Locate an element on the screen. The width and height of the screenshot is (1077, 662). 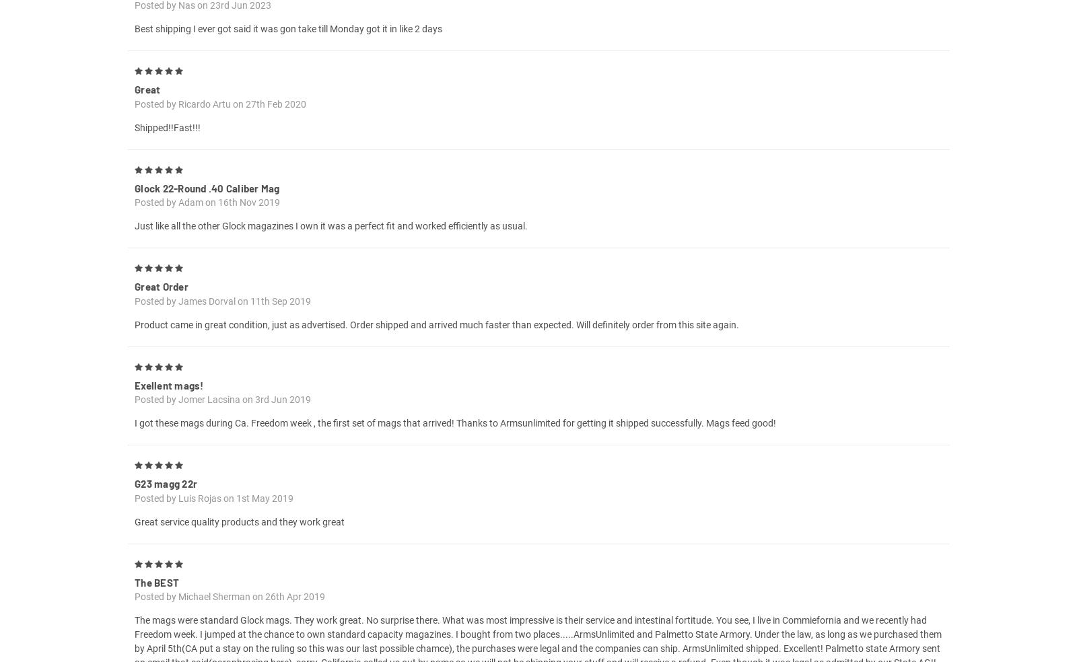
'Posted by Nas on 23rd Jun 2023' is located at coordinates (203, 20).